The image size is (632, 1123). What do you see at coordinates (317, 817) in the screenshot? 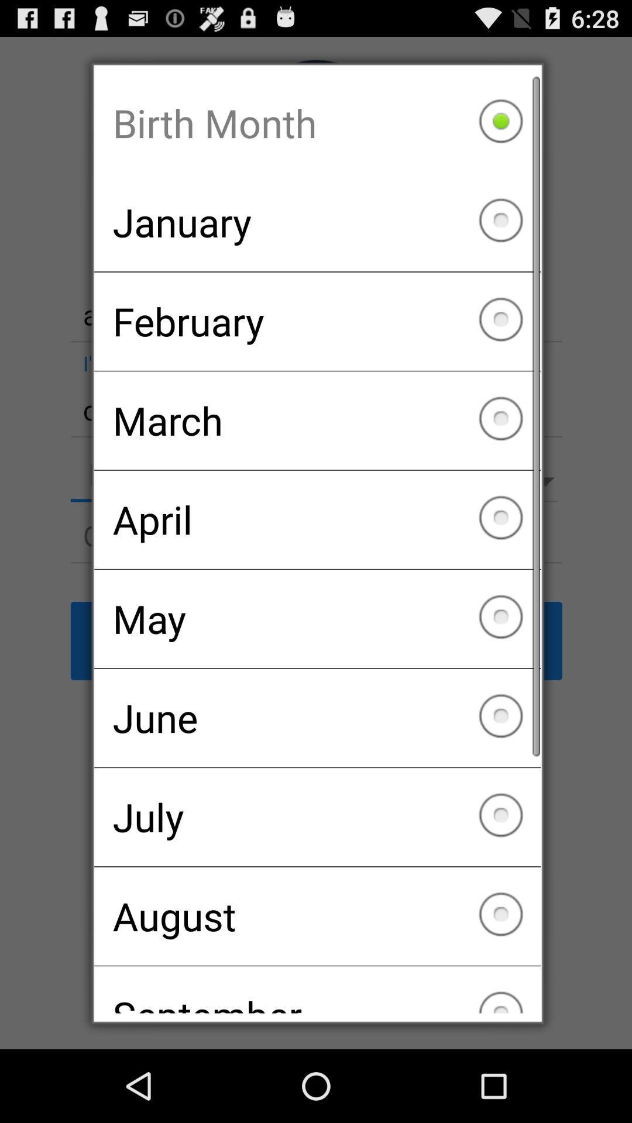
I see `the july checkbox` at bounding box center [317, 817].